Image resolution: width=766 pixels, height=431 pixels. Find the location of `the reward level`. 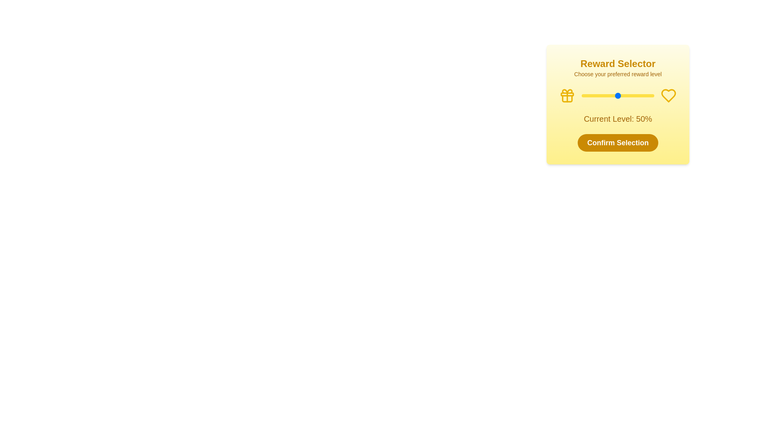

the reward level is located at coordinates (632, 95).